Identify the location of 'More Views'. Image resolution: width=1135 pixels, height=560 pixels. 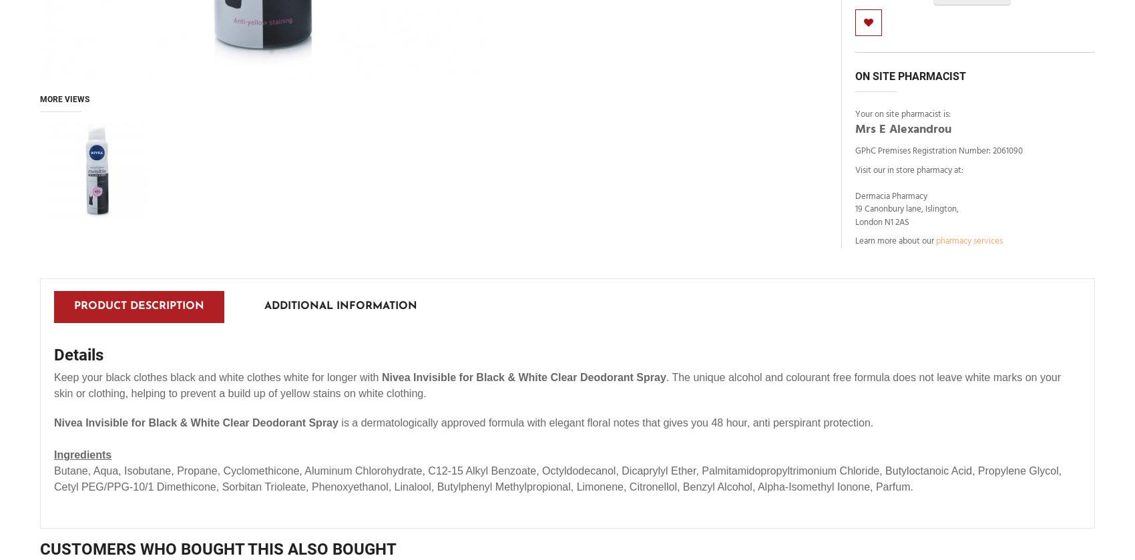
(65, 98).